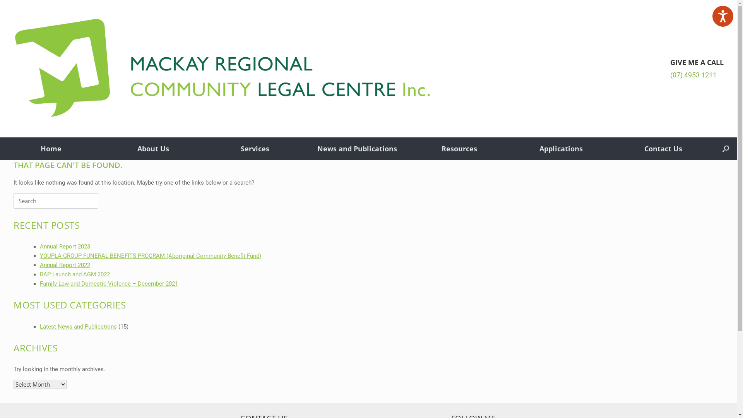 This screenshot has height=418, width=743. I want to click on 'Home', so click(51, 149).